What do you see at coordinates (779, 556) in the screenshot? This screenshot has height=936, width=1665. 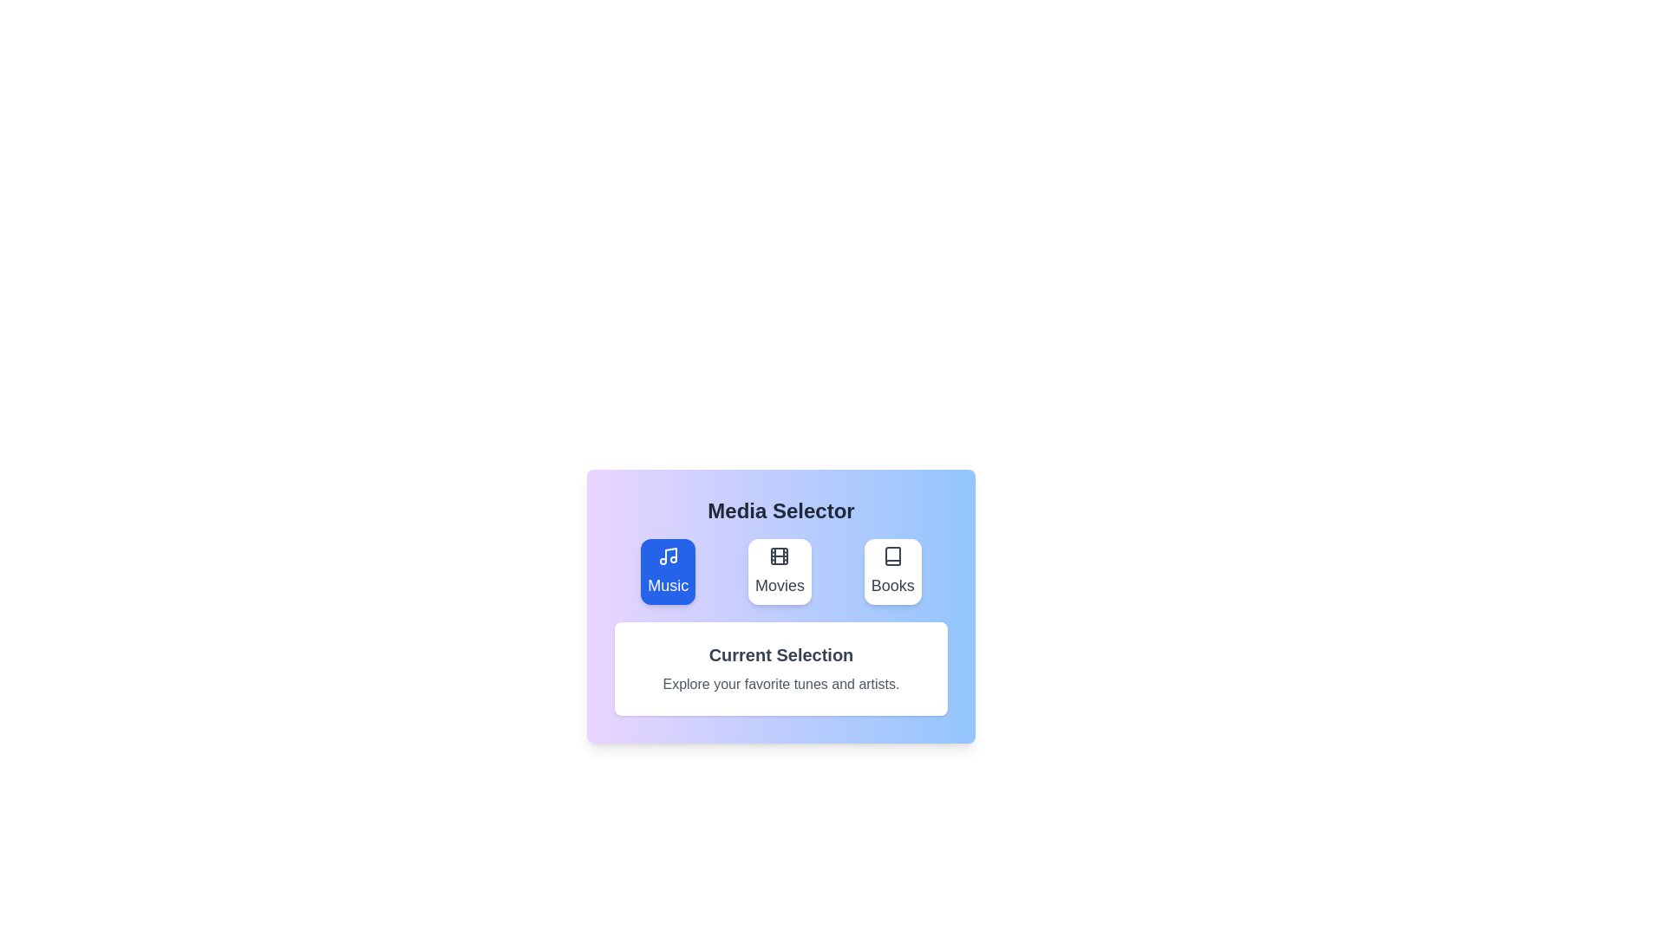 I see `the film icon, which is the second selectable option in the horizontal layout below the heading 'Media Selector'` at bounding box center [779, 556].